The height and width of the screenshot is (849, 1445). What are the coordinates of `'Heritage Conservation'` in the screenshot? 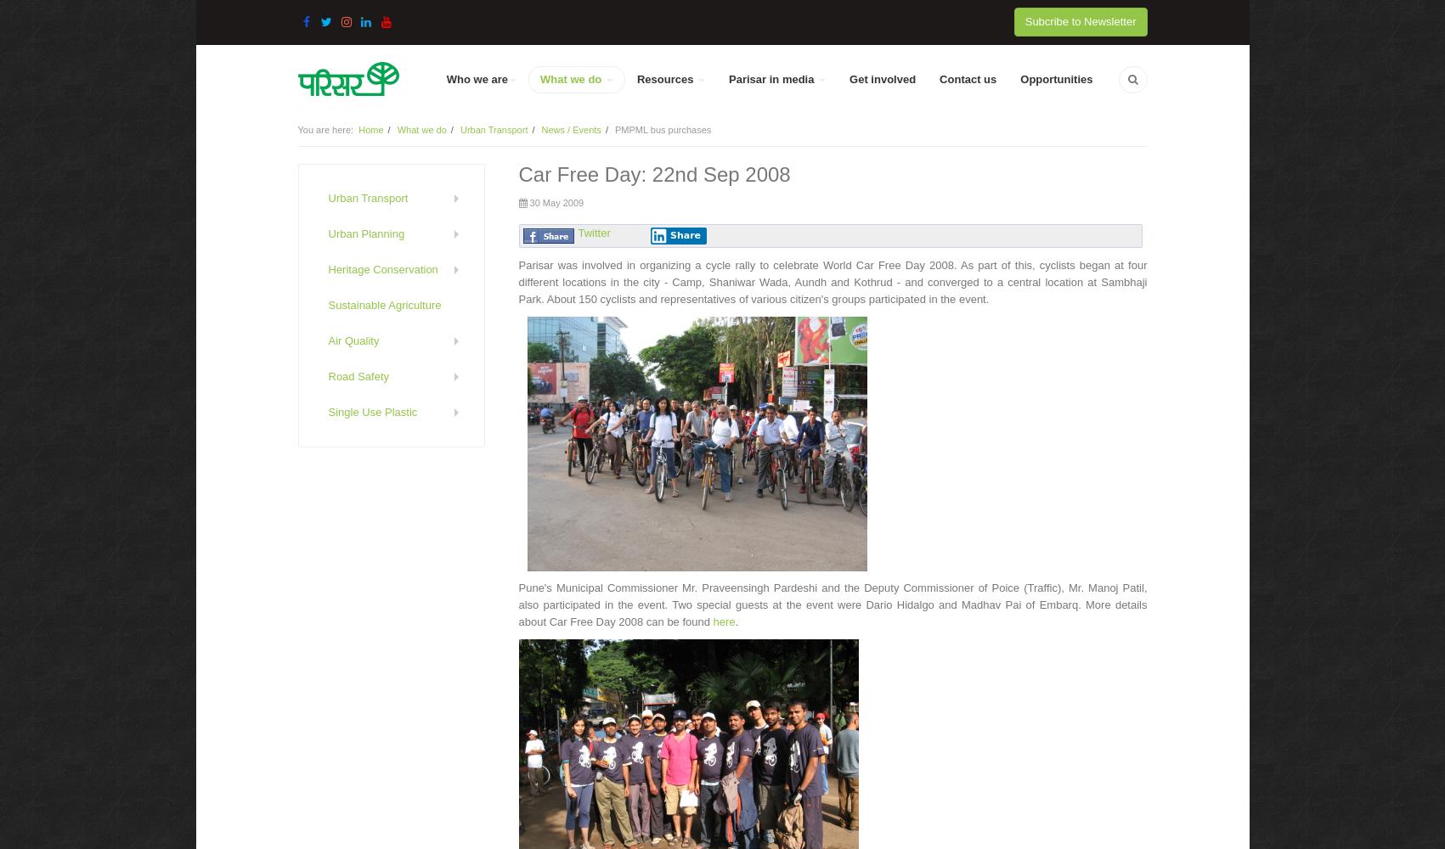 It's located at (381, 268).